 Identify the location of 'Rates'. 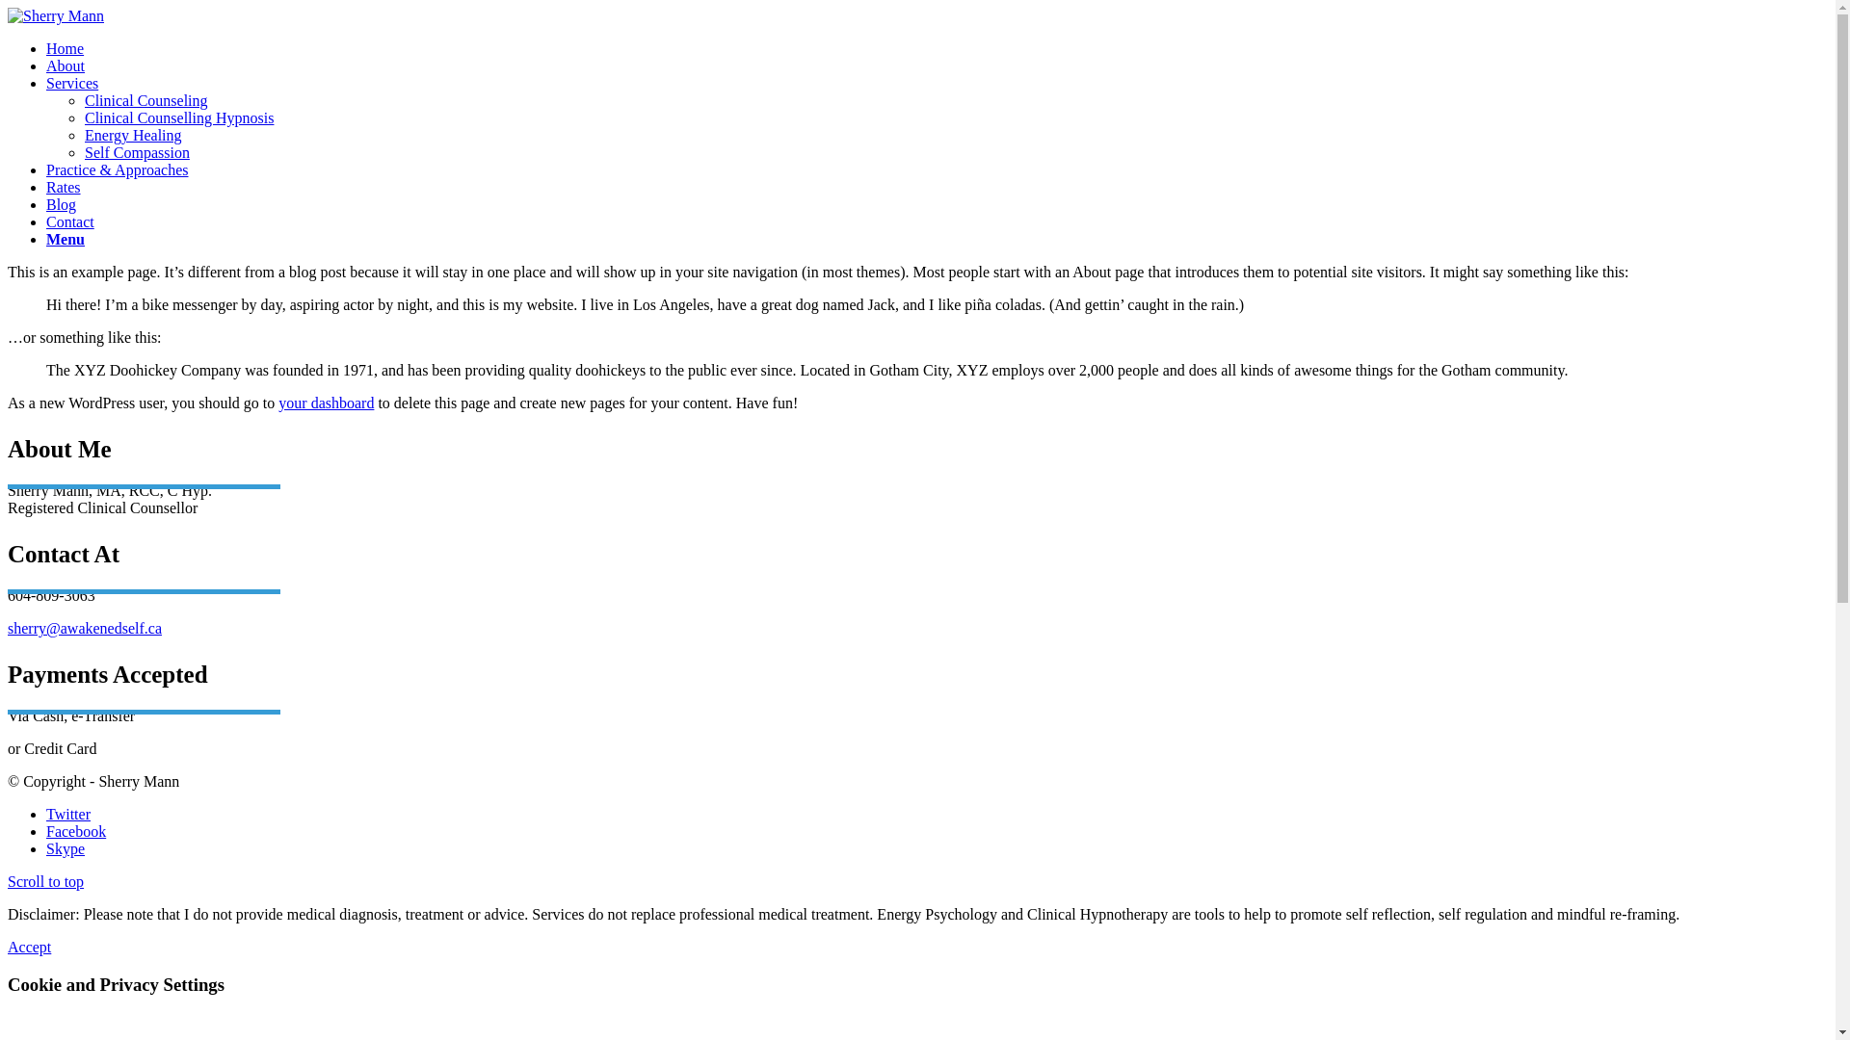
(46, 187).